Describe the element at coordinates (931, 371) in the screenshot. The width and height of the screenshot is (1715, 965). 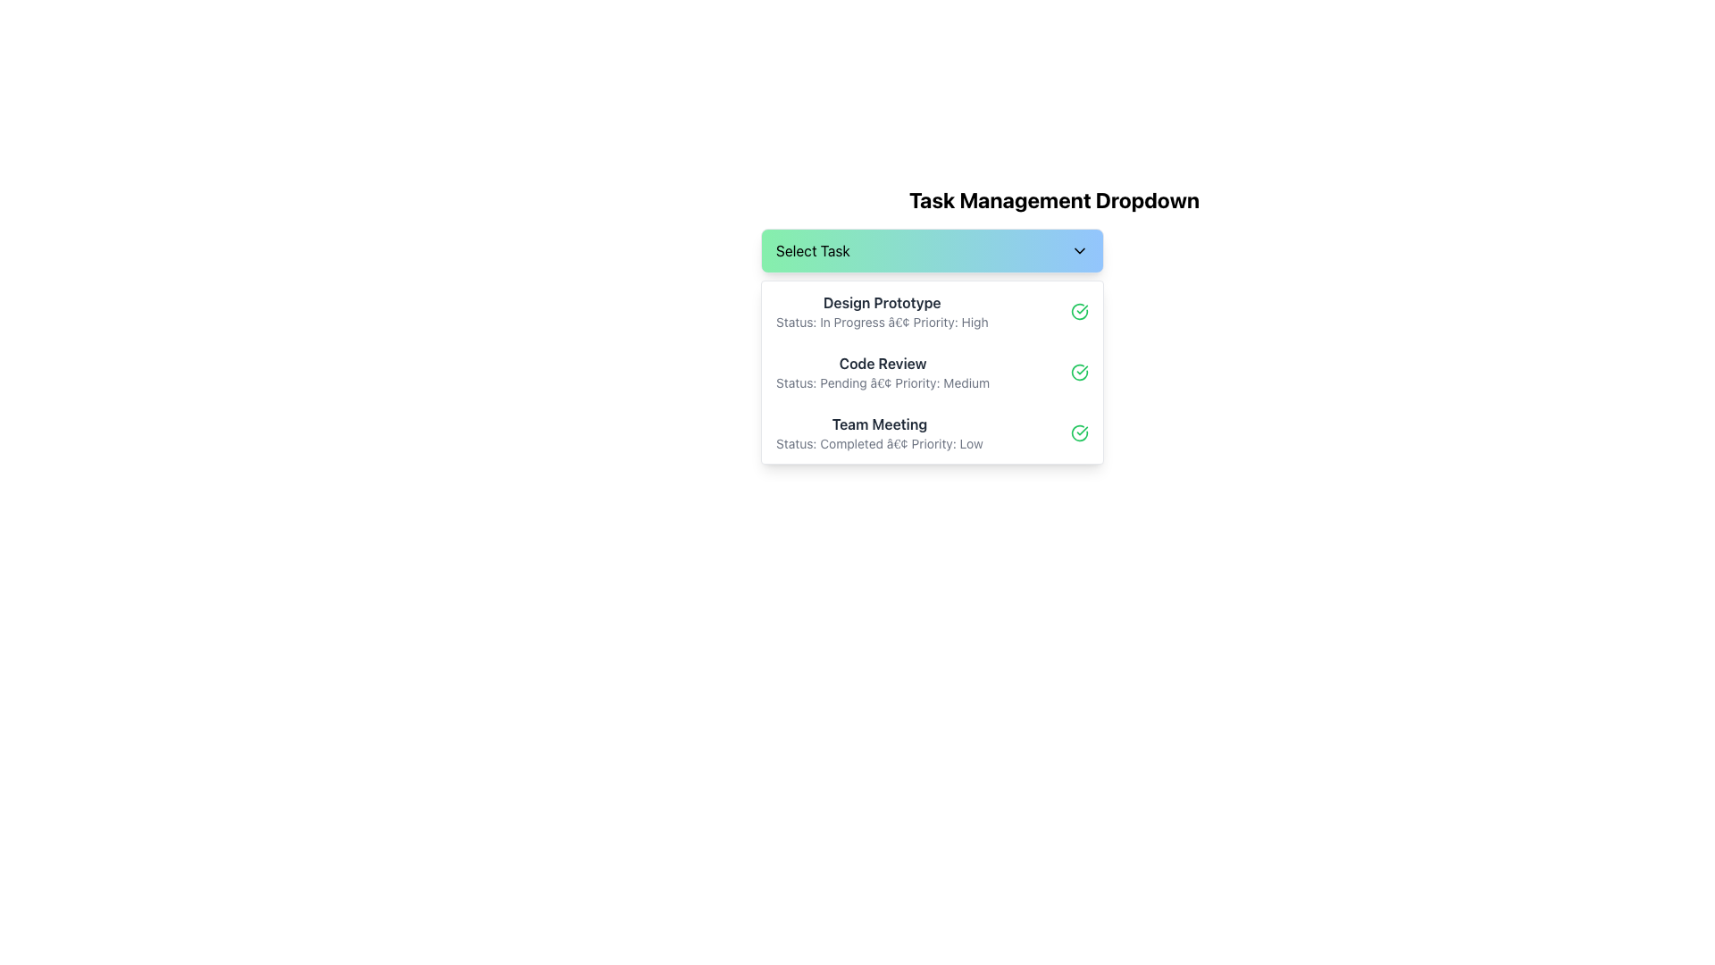
I see `the dropdown menu option` at that location.